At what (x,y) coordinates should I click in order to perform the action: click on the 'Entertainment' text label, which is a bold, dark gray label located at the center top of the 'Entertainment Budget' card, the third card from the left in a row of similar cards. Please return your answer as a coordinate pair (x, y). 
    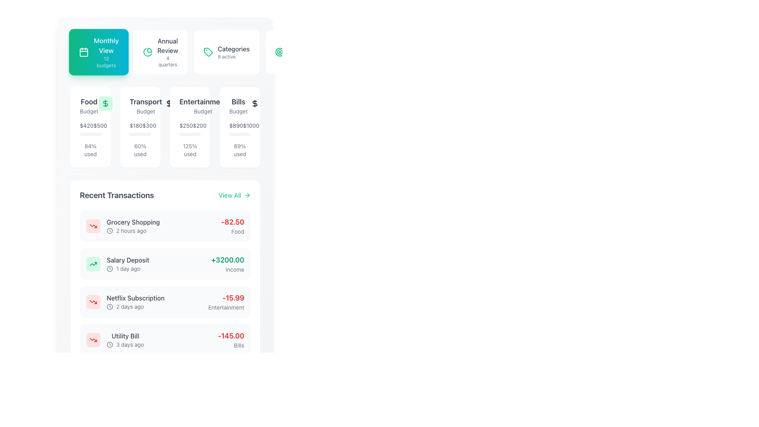
    Looking at the image, I should click on (203, 102).